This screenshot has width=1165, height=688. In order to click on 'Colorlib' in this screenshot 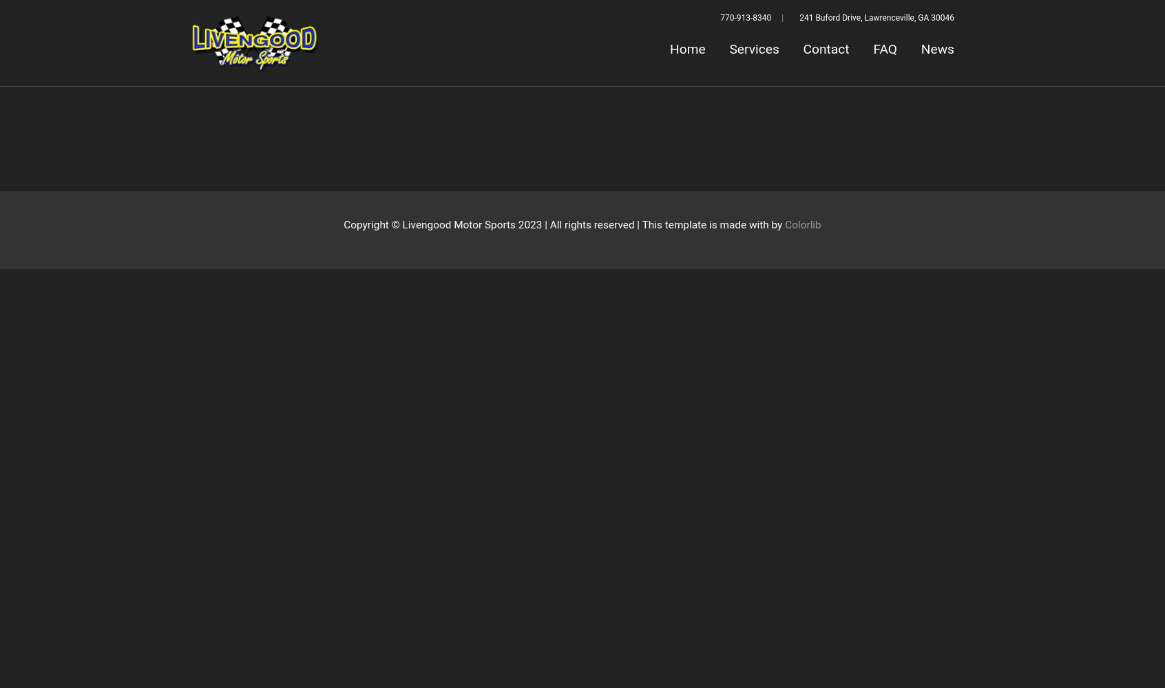, I will do `click(801, 224)`.